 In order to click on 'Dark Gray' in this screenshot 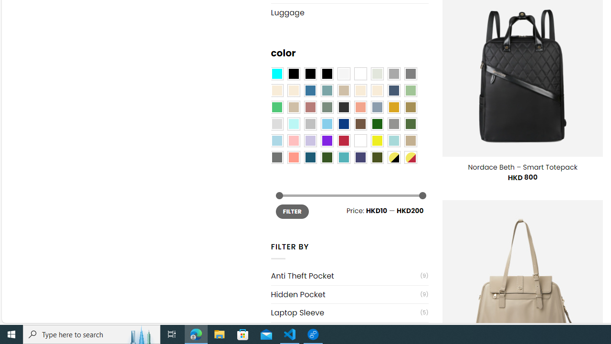, I will do `click(393, 73)`.